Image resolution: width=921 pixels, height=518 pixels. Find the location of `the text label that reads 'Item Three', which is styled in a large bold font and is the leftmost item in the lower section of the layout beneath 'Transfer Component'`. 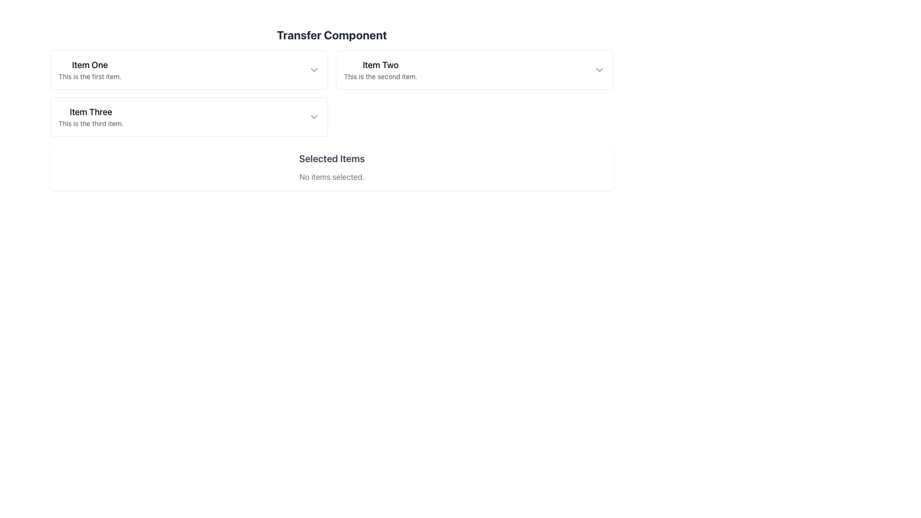

the text label that reads 'Item Three', which is styled in a large bold font and is the leftmost item in the lower section of the layout beneath 'Transfer Component' is located at coordinates (91, 112).